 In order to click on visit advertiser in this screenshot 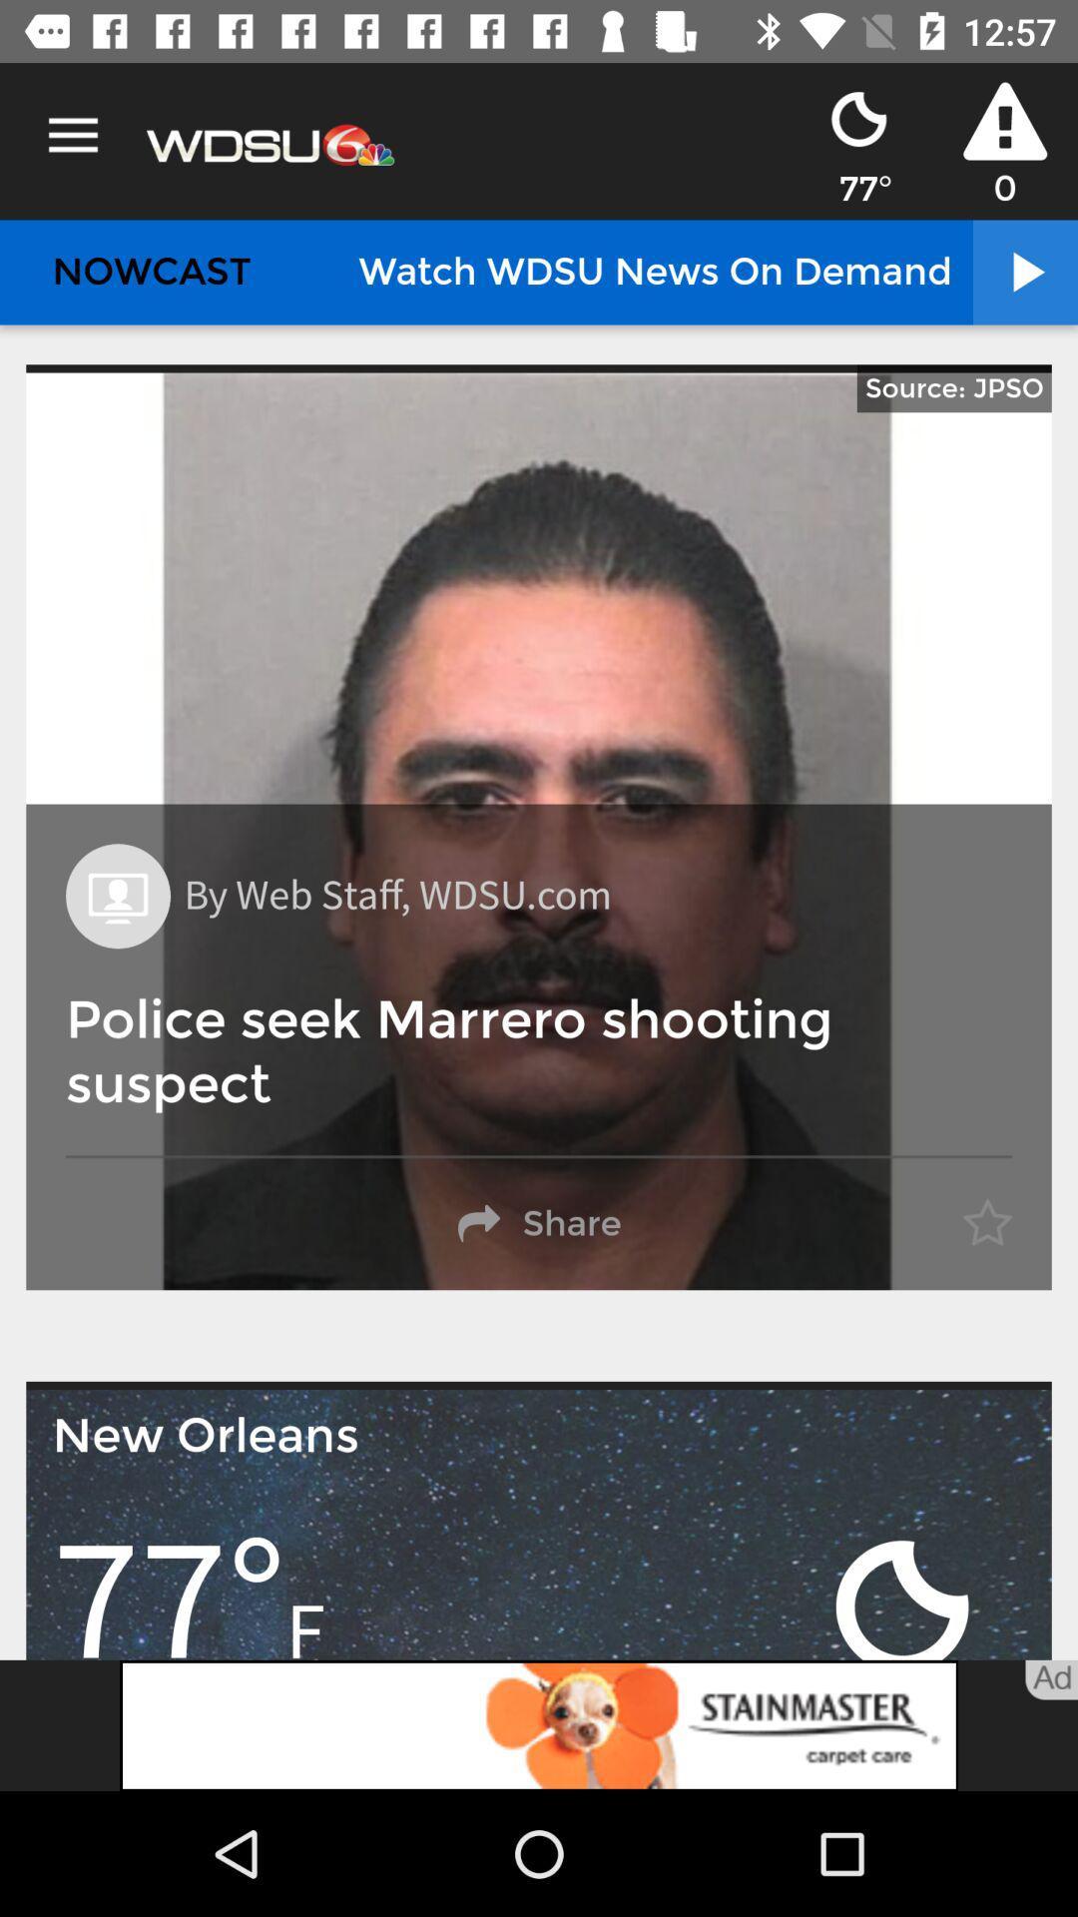, I will do `click(539, 1724)`.